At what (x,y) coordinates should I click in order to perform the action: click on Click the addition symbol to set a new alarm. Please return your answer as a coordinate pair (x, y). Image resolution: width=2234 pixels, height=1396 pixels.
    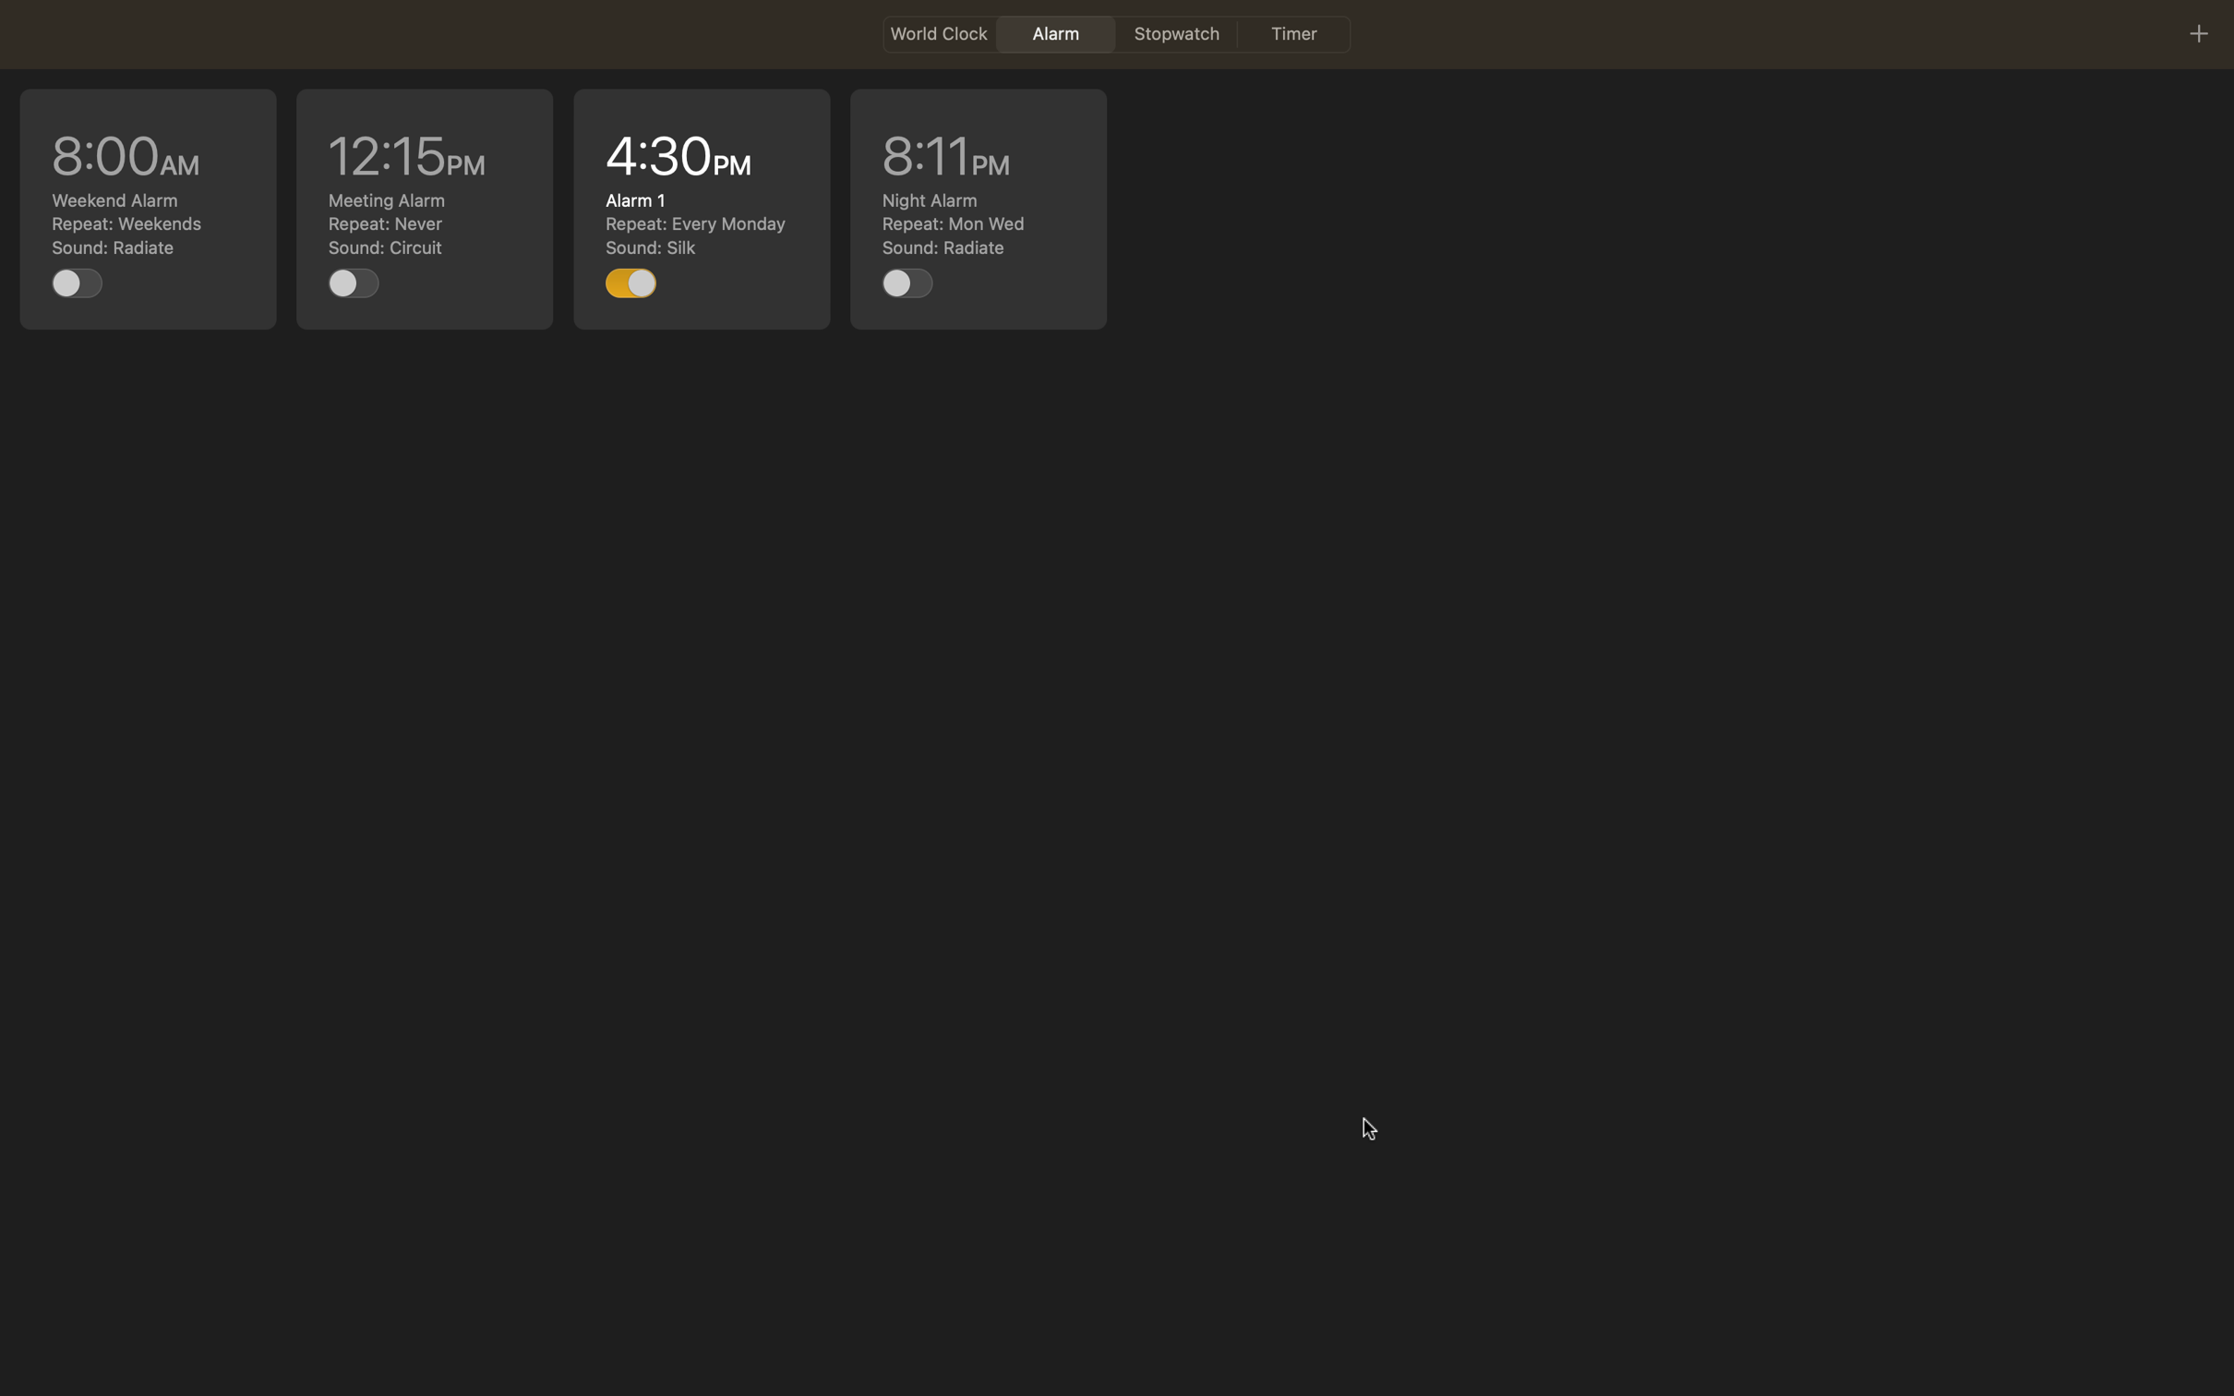
    Looking at the image, I should click on (2197, 32).